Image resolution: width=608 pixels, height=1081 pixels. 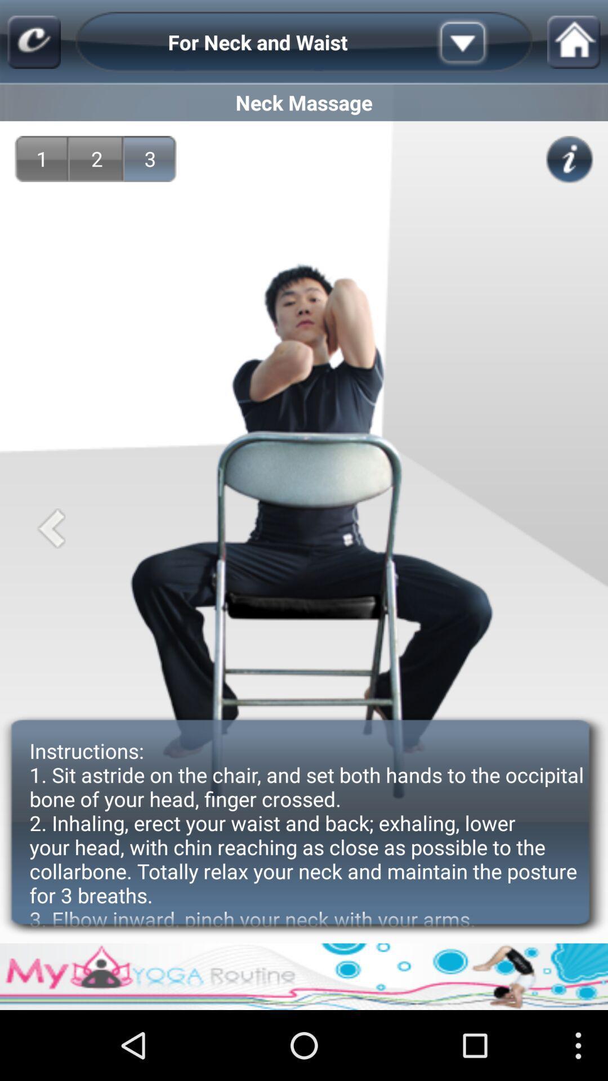 What do you see at coordinates (574, 42) in the screenshot?
I see `item above neck massage` at bounding box center [574, 42].